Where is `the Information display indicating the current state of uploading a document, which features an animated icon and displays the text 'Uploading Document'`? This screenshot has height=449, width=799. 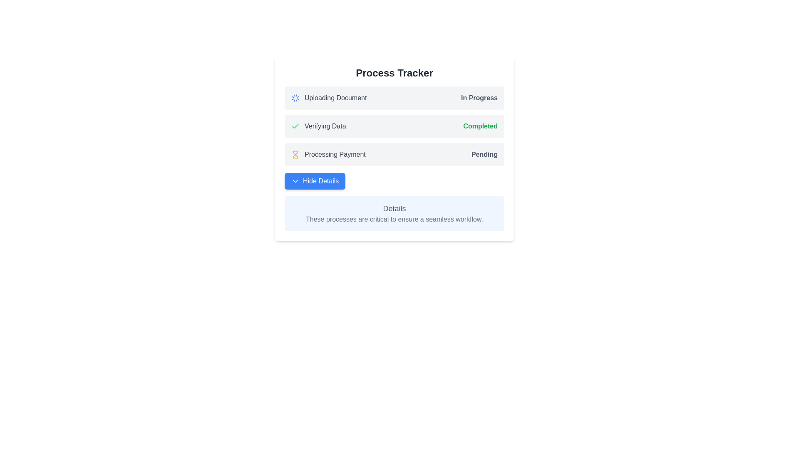 the Information display indicating the current state of uploading a document, which features an animated icon and displays the text 'Uploading Document' is located at coordinates (328, 97).